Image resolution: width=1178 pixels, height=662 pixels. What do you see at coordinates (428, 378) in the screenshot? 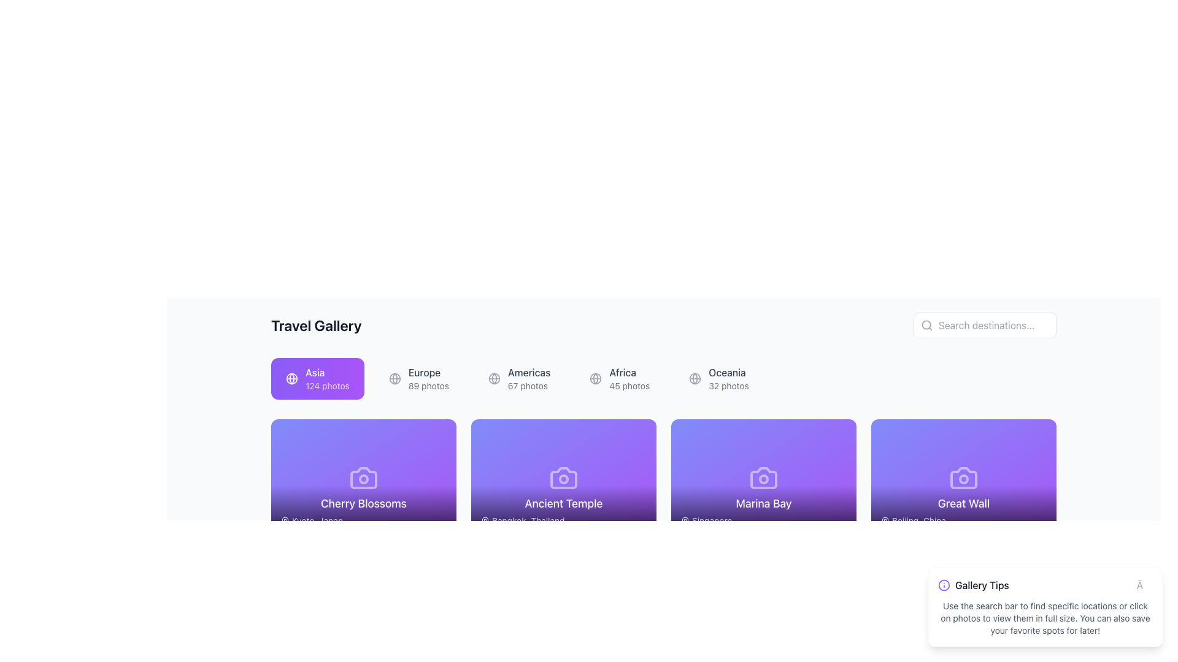
I see `the 'Europe' text element, which is styled in a medium-weight font and is part of the navigation section labeled 'Travel Gallery'` at bounding box center [428, 378].